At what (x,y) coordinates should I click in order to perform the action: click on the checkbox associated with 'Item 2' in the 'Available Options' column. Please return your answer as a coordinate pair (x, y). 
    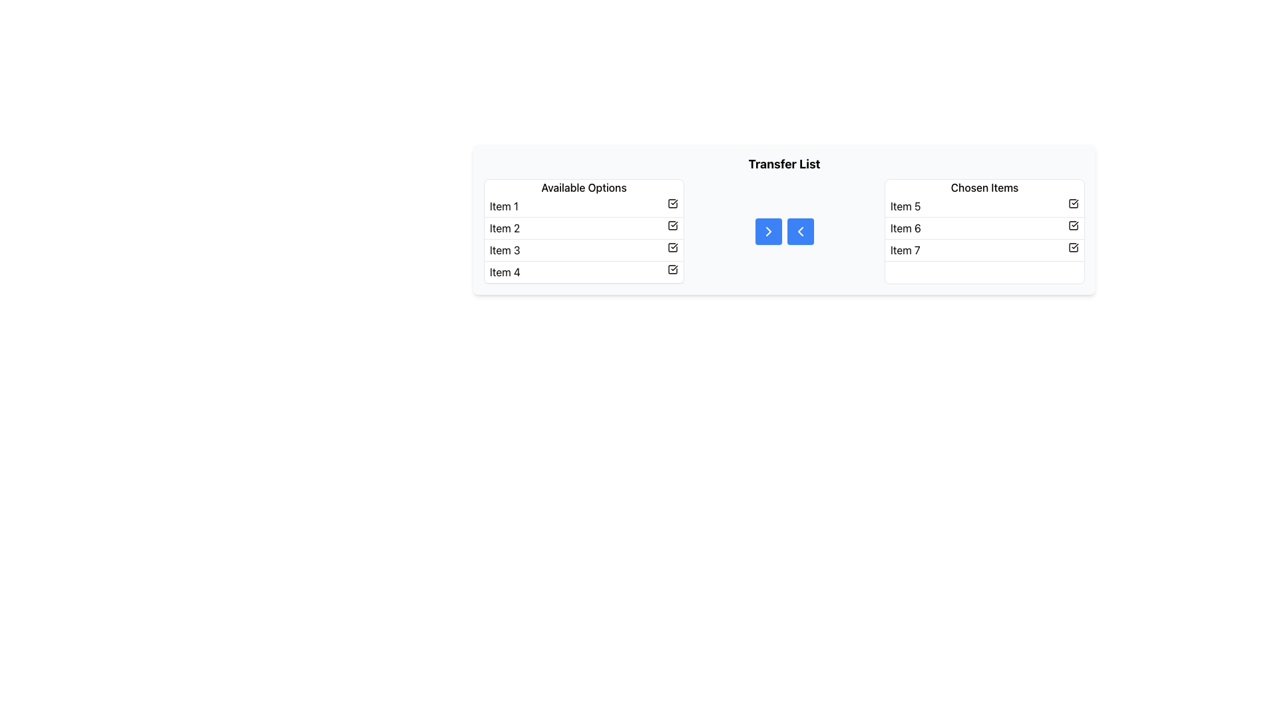
    Looking at the image, I should click on (673, 225).